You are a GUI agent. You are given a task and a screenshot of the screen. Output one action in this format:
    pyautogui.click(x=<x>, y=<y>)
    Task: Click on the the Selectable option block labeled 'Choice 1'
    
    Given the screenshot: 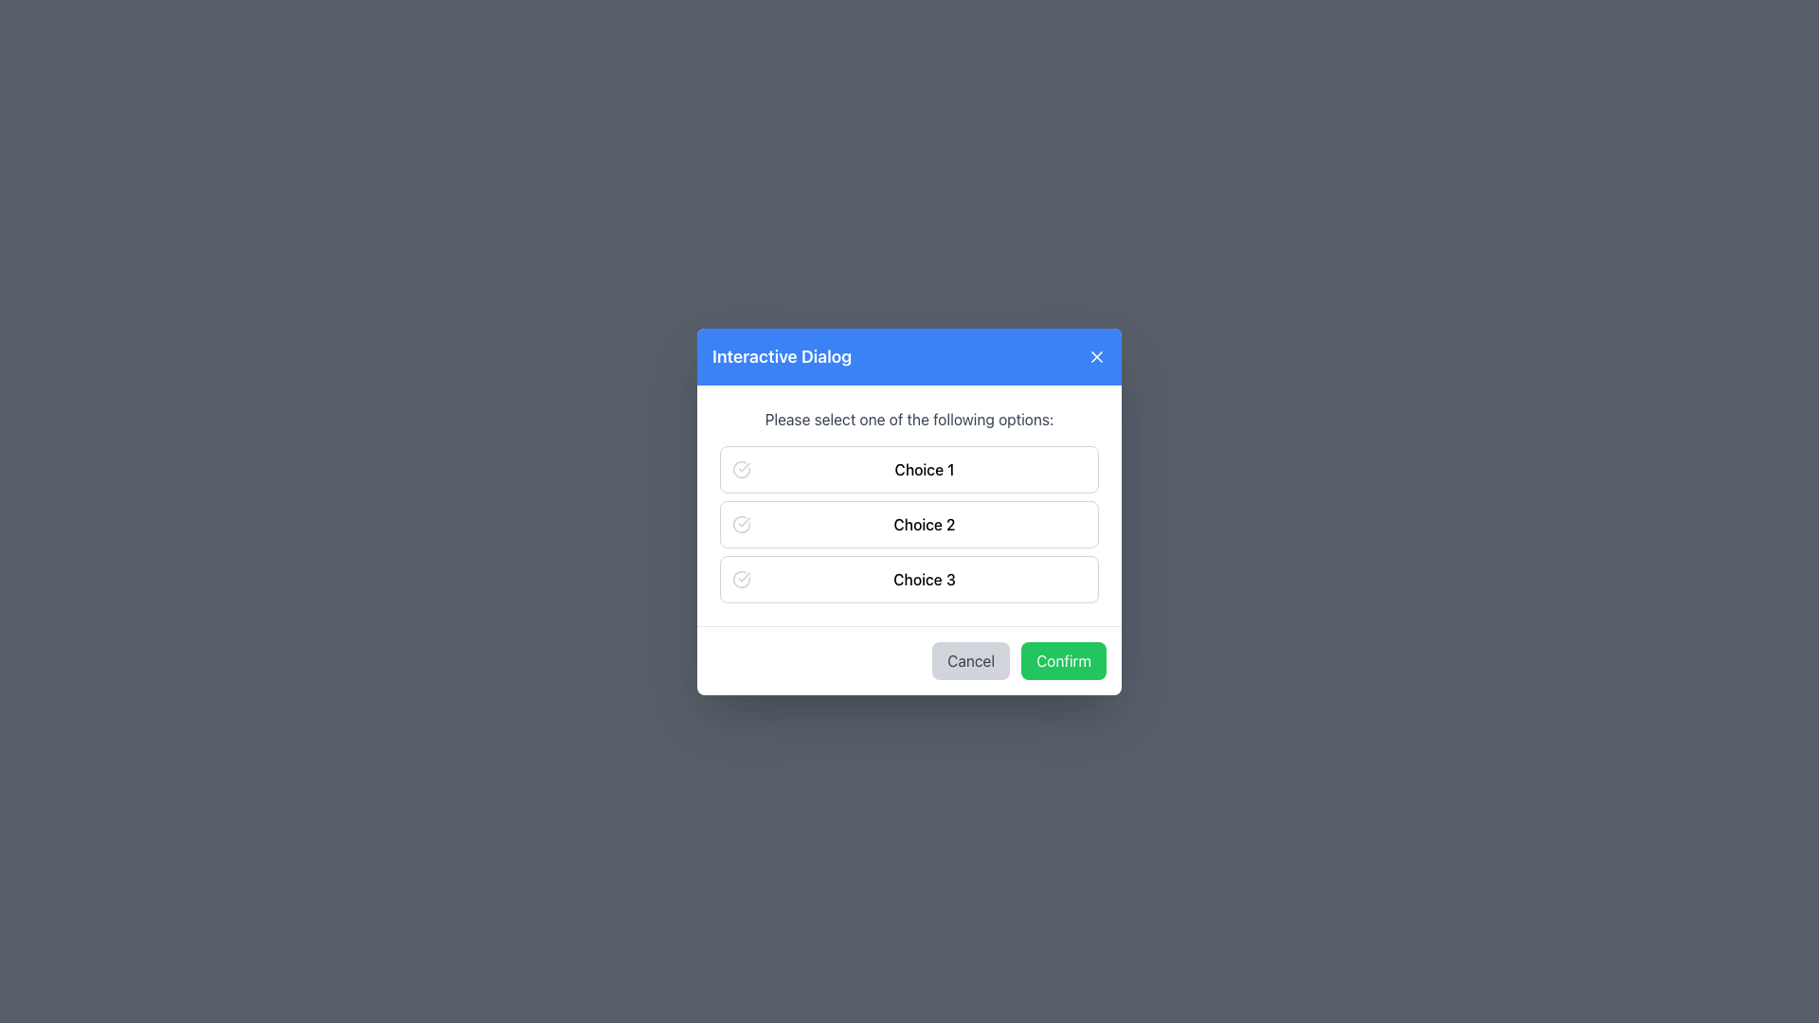 What is the action you would take?
    pyautogui.click(x=909, y=468)
    